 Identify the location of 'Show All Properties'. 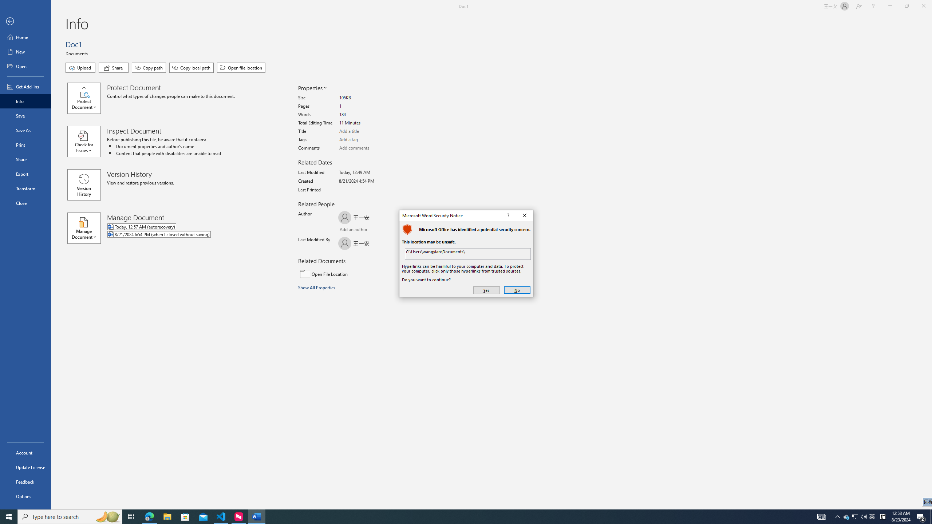
(317, 287).